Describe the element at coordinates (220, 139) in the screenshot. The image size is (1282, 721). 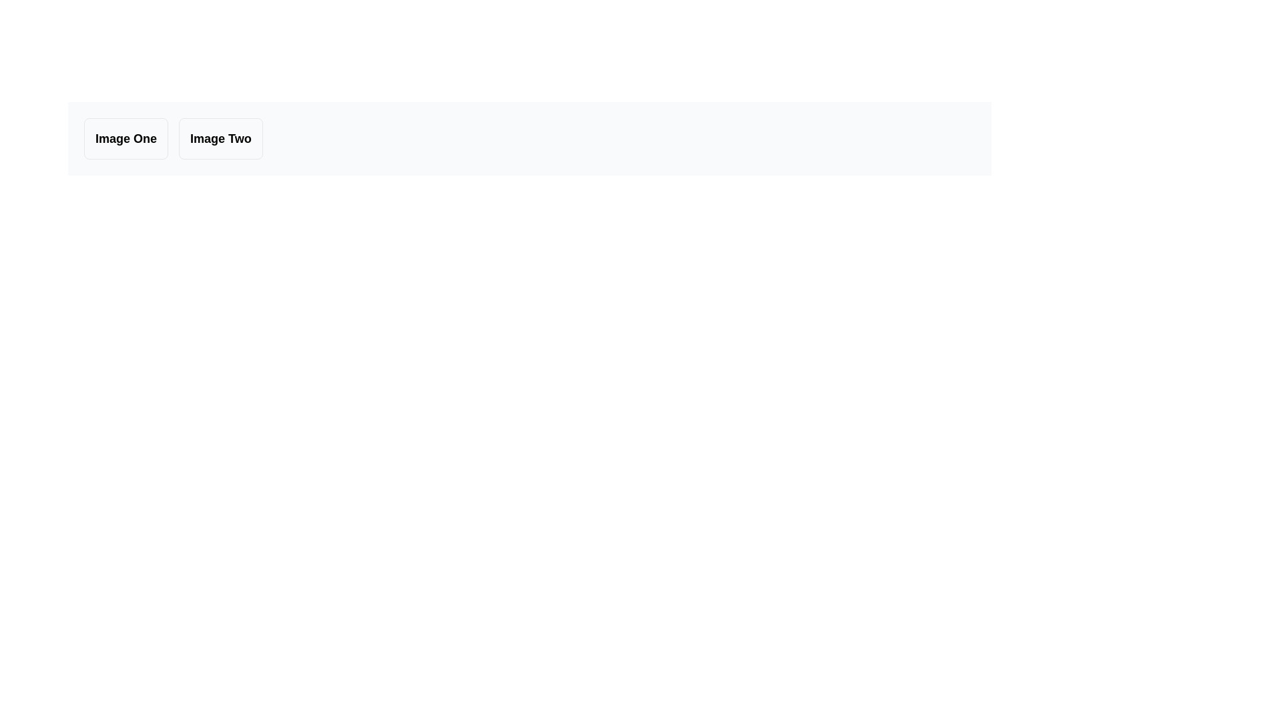
I see `the Text Label containing the text 'Image Two', which is styled with a bold font and is located within the second card of horizontally aligned cards` at that location.